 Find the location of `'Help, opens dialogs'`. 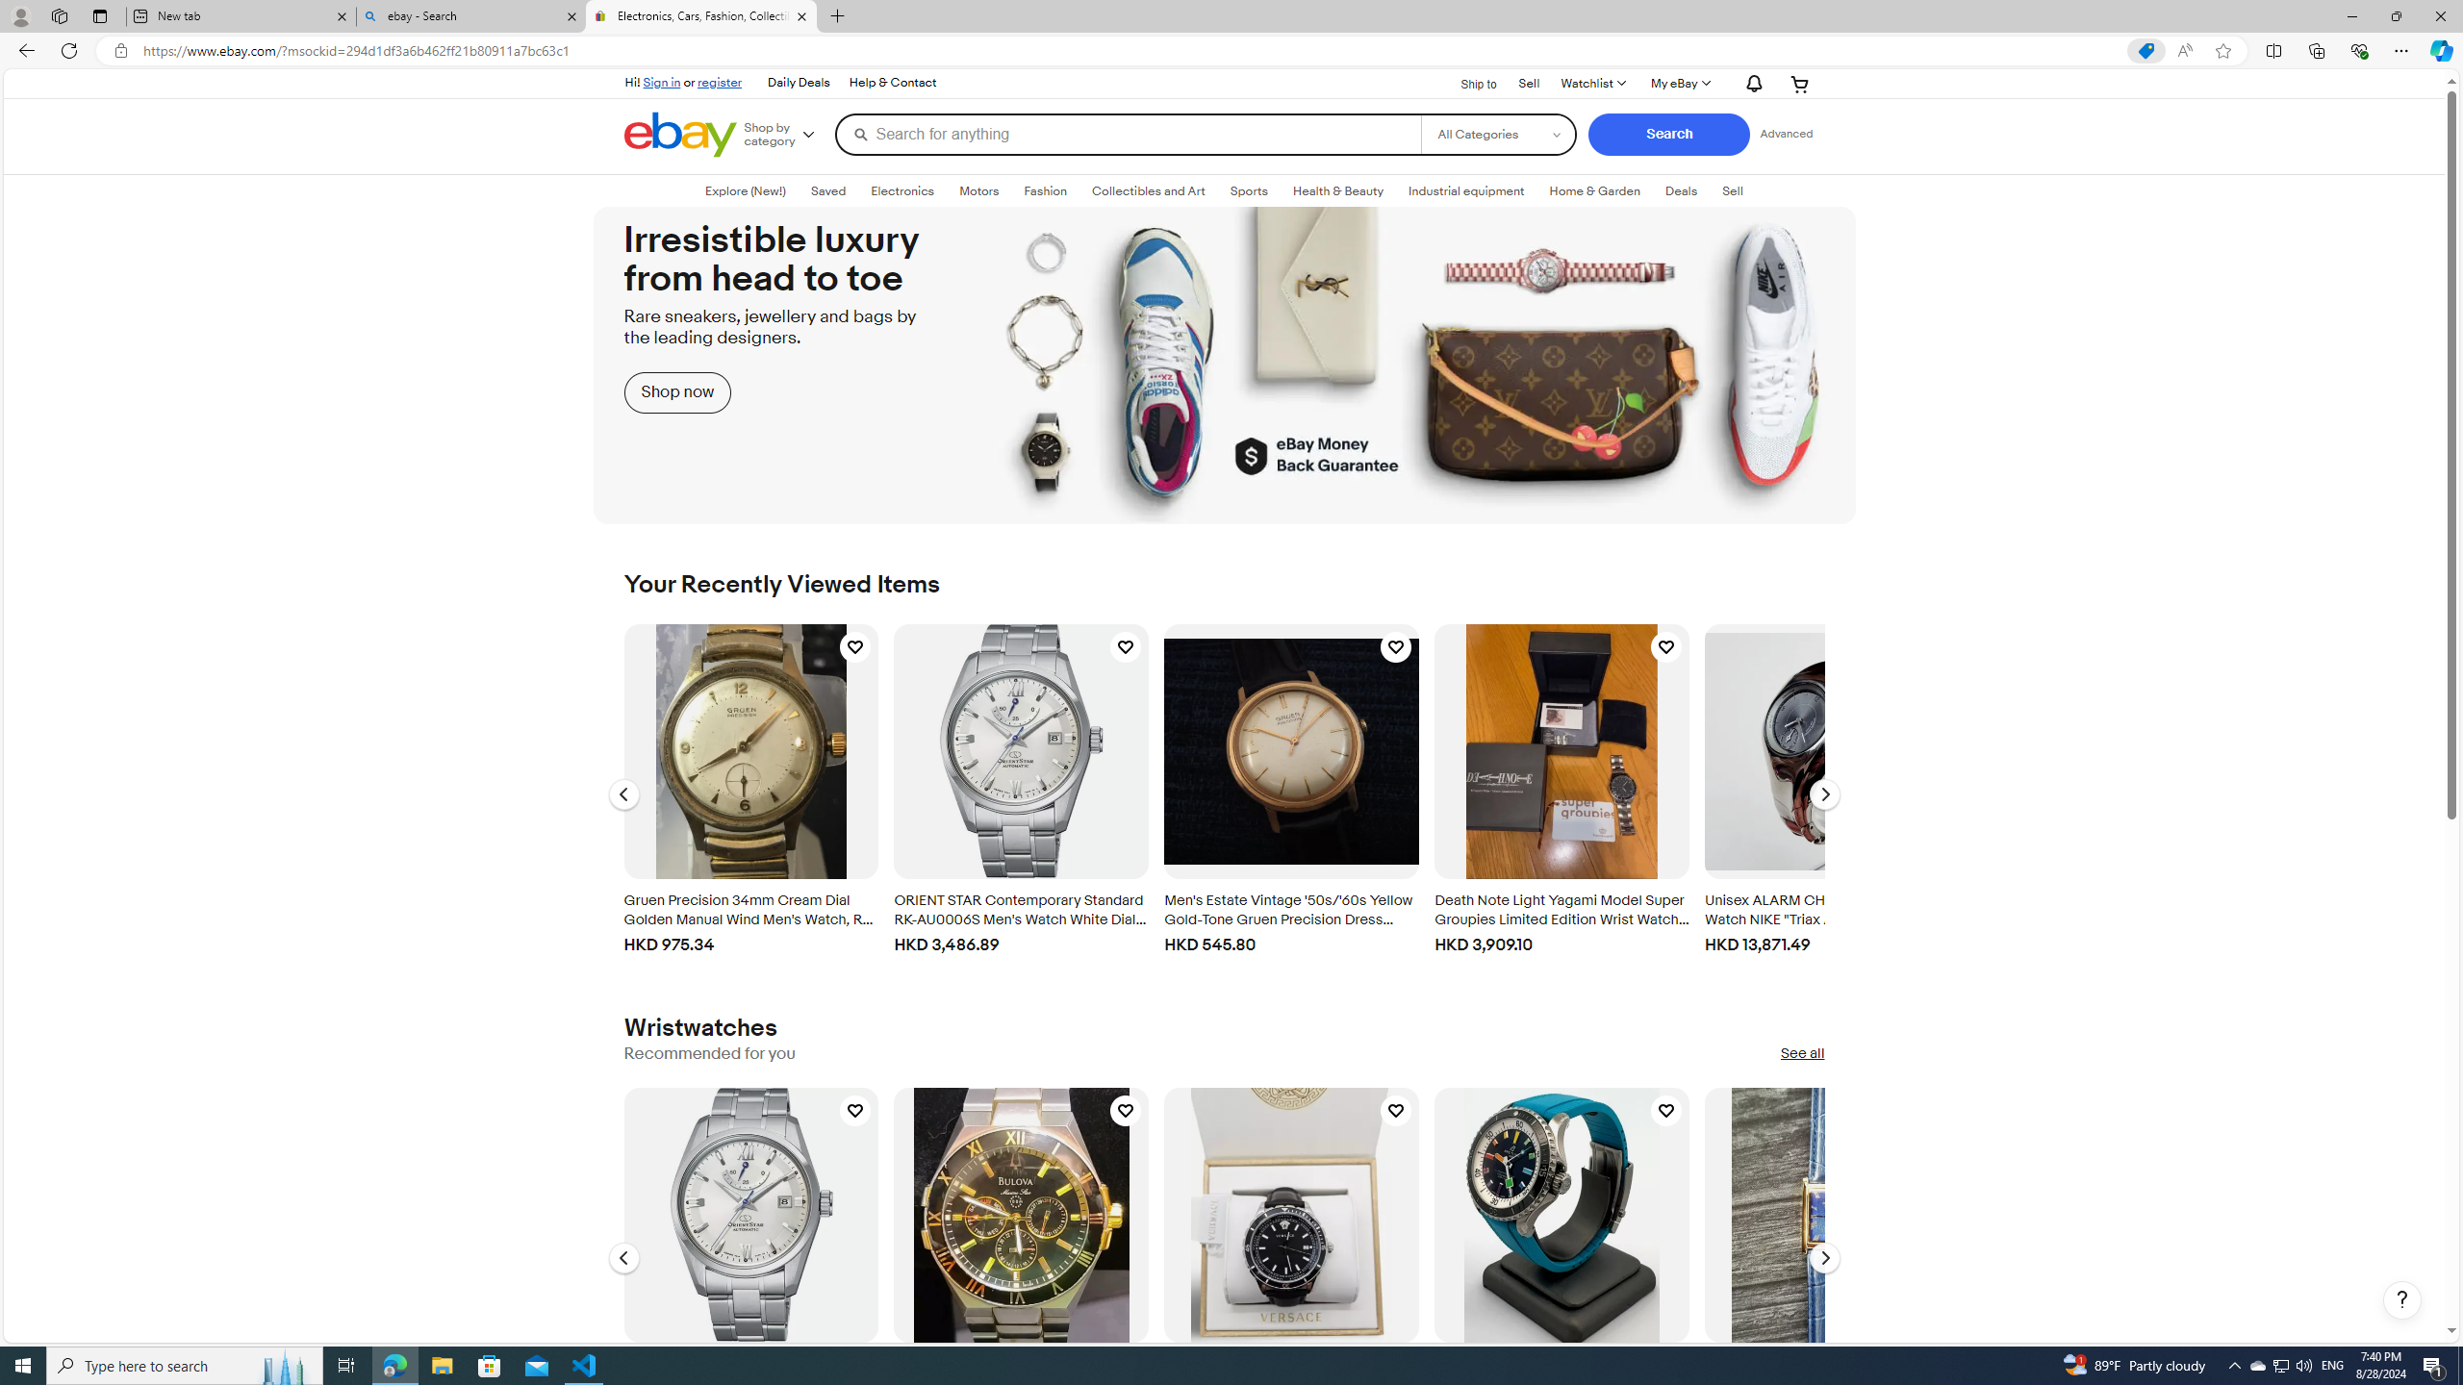

'Help, opens dialogs' is located at coordinates (2401, 1299).